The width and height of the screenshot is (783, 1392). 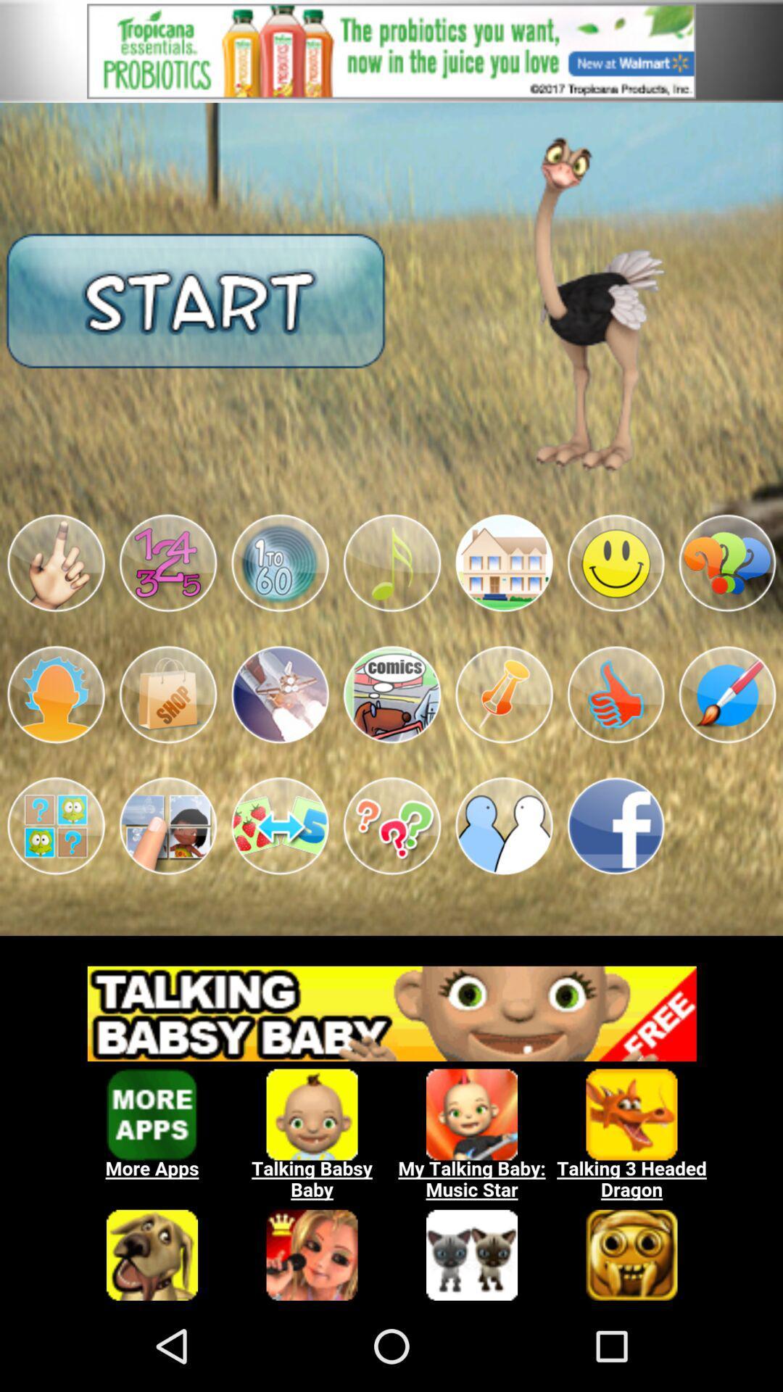 I want to click on like the article, so click(x=616, y=694).